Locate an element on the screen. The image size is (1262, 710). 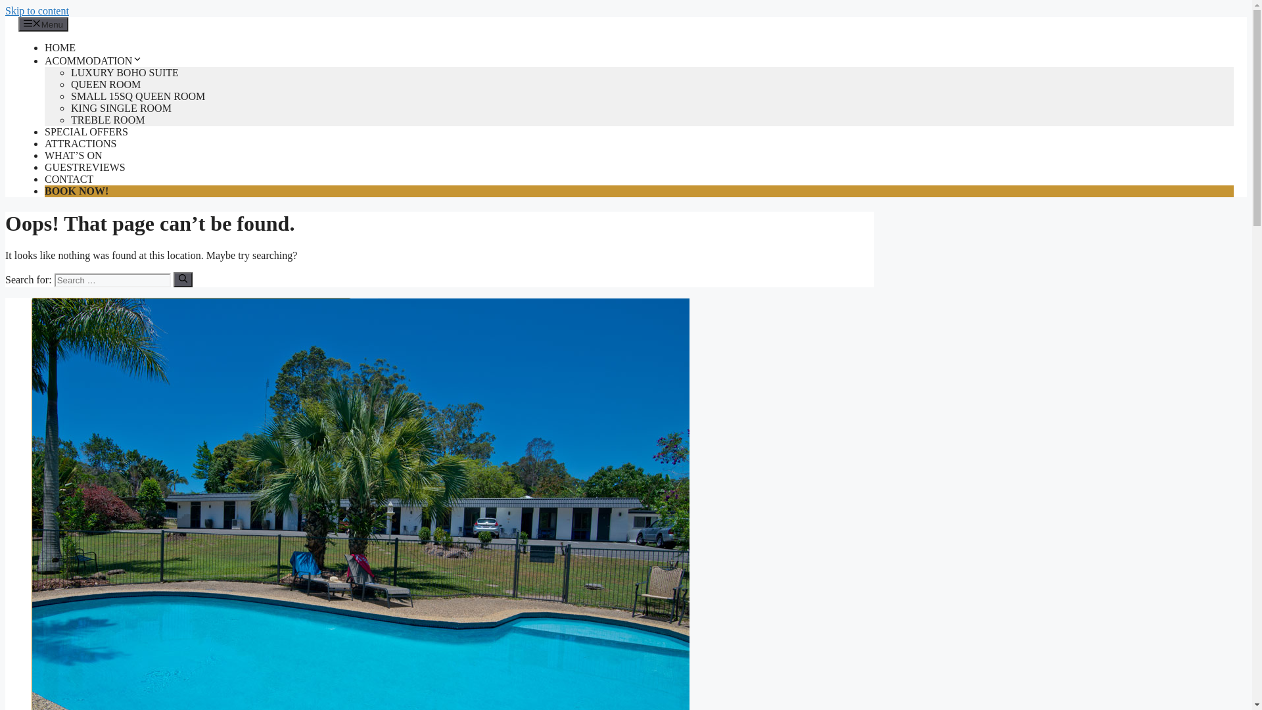
'SPECIAL OFFERS' is located at coordinates (44, 131).